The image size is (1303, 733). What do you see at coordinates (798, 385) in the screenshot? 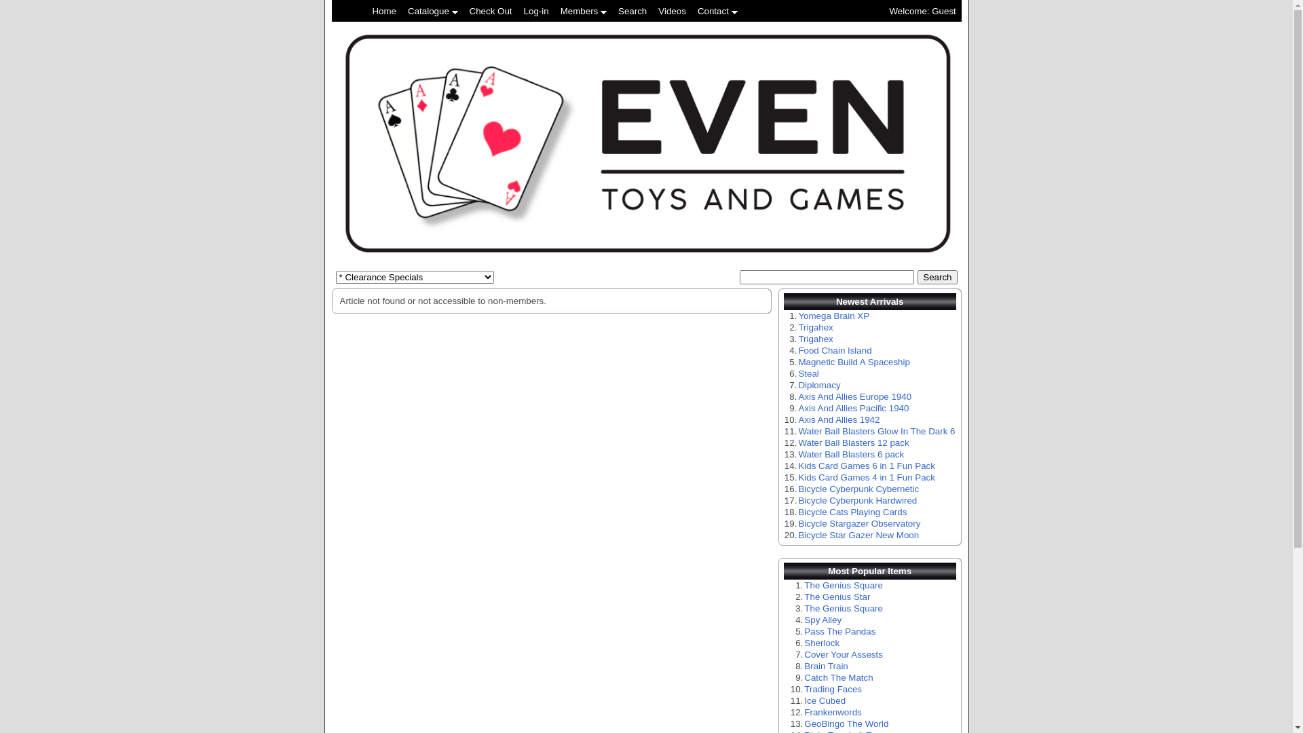
I see `'Diplomacy'` at bounding box center [798, 385].